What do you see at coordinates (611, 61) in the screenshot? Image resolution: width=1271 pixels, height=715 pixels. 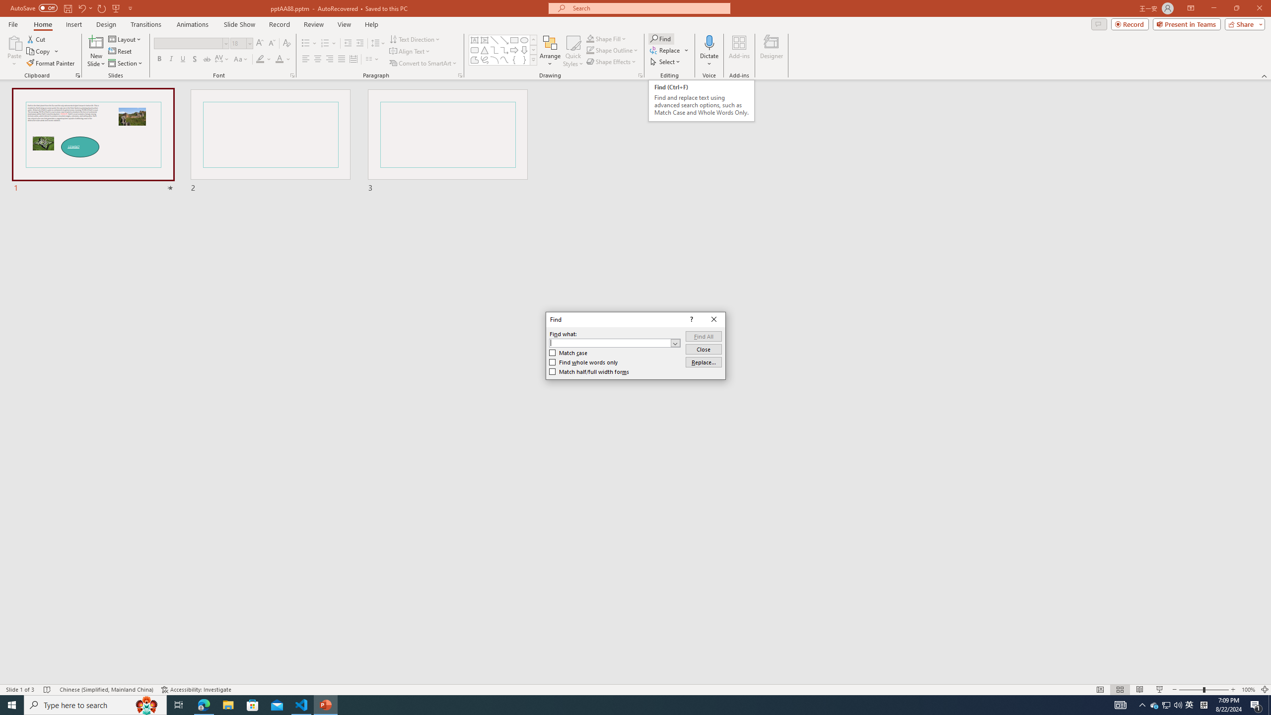 I see `'Shape Effects'` at bounding box center [611, 61].